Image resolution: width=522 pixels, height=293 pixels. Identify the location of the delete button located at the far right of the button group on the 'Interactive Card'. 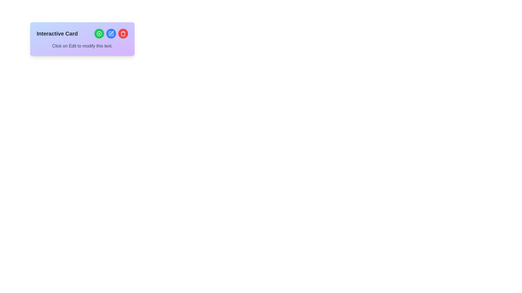
(123, 33).